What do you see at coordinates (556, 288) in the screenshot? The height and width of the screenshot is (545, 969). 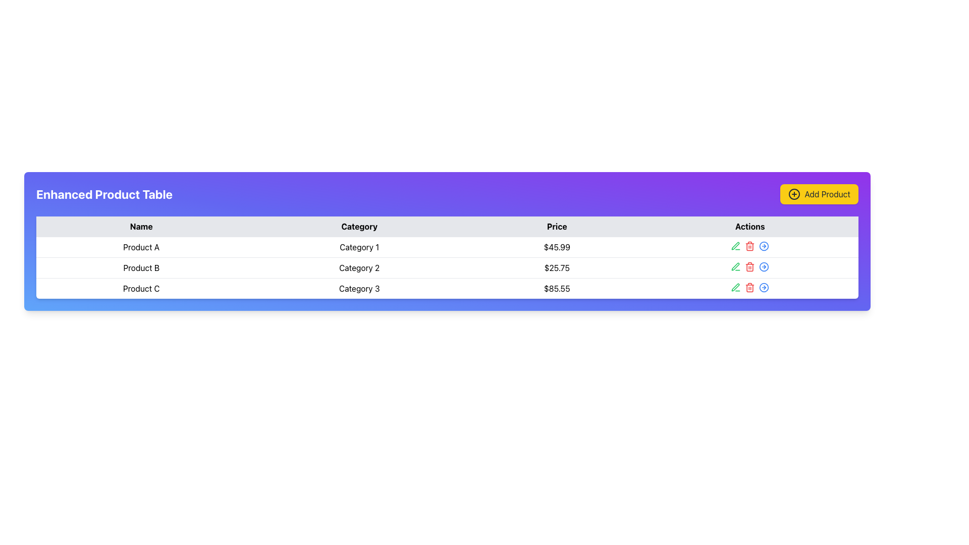 I see `the text label displaying the price '$85.55' in the 'Price' column for 'Product C' in the table` at bounding box center [556, 288].